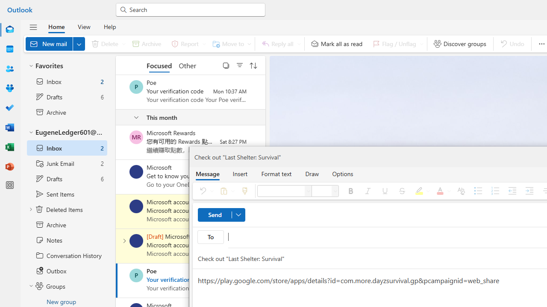  What do you see at coordinates (106, 43) in the screenshot?
I see `'Delete'` at bounding box center [106, 43].